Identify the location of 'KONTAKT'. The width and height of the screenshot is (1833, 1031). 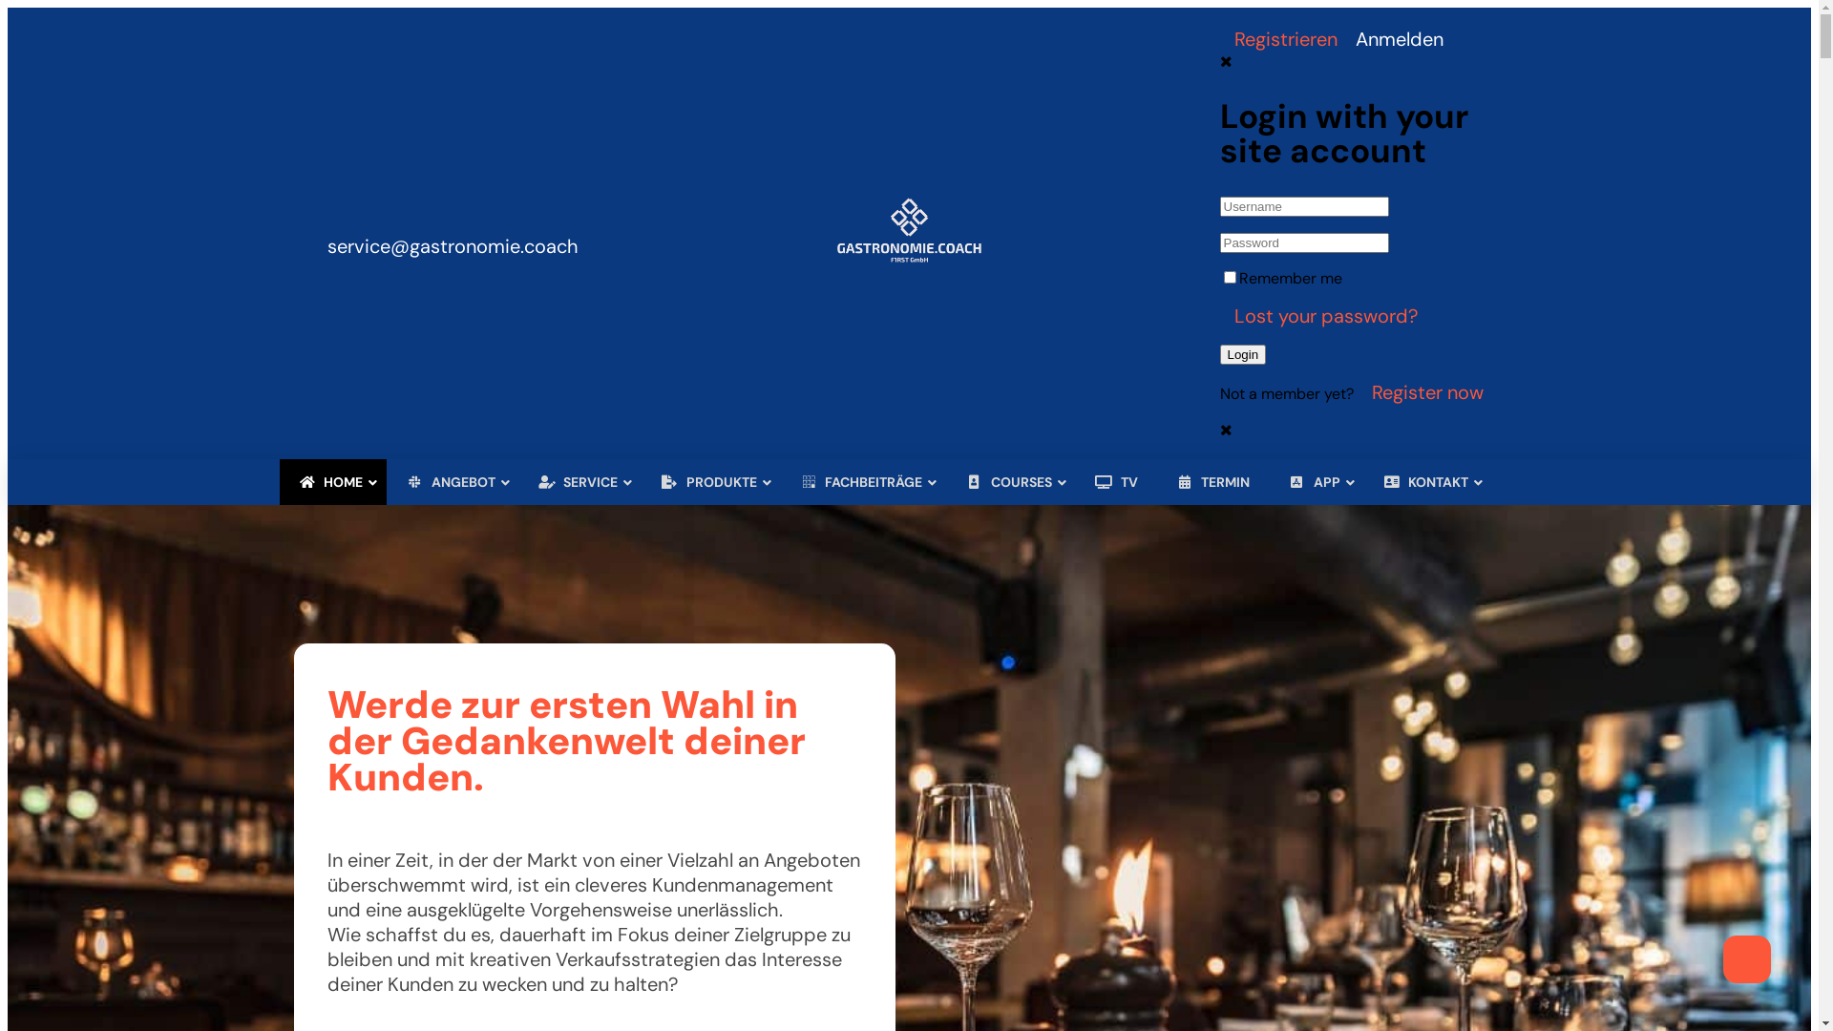
(1428, 481).